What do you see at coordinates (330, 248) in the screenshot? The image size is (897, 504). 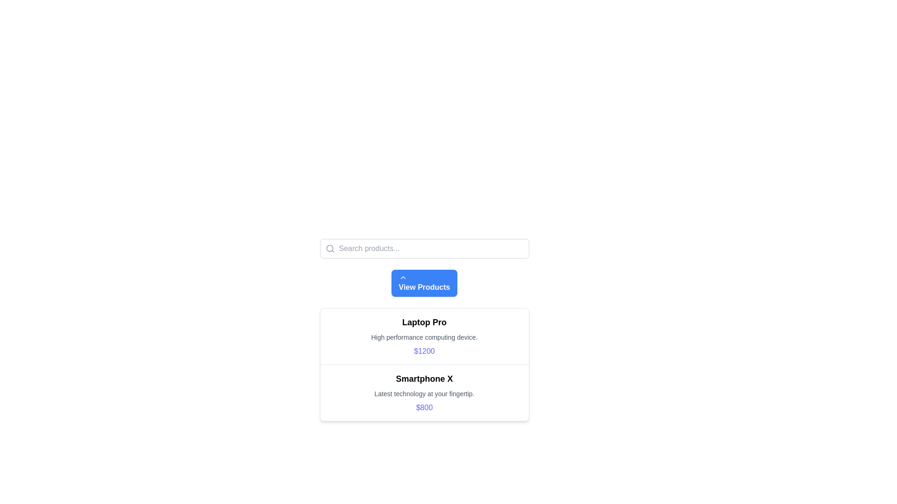 I see `the search icon located on the left side of the search input box at the top center of the page, which serves as a visual indicator for entering search queries` at bounding box center [330, 248].